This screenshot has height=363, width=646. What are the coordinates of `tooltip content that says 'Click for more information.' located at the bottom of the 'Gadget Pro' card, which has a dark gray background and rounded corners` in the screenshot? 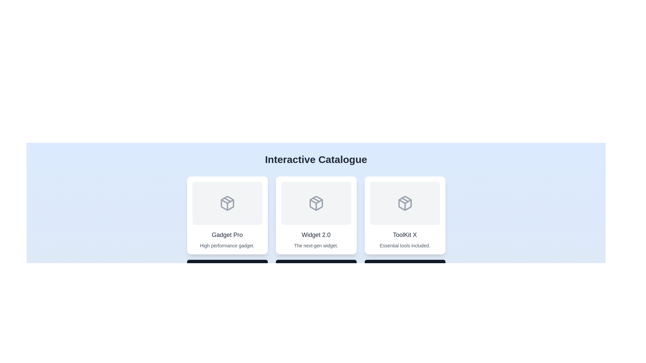 It's located at (227, 265).